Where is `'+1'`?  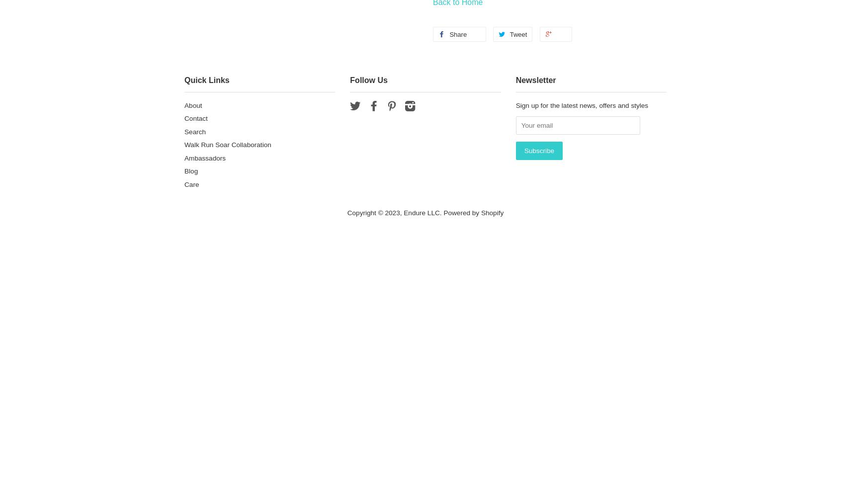 '+1' is located at coordinates (561, 34).